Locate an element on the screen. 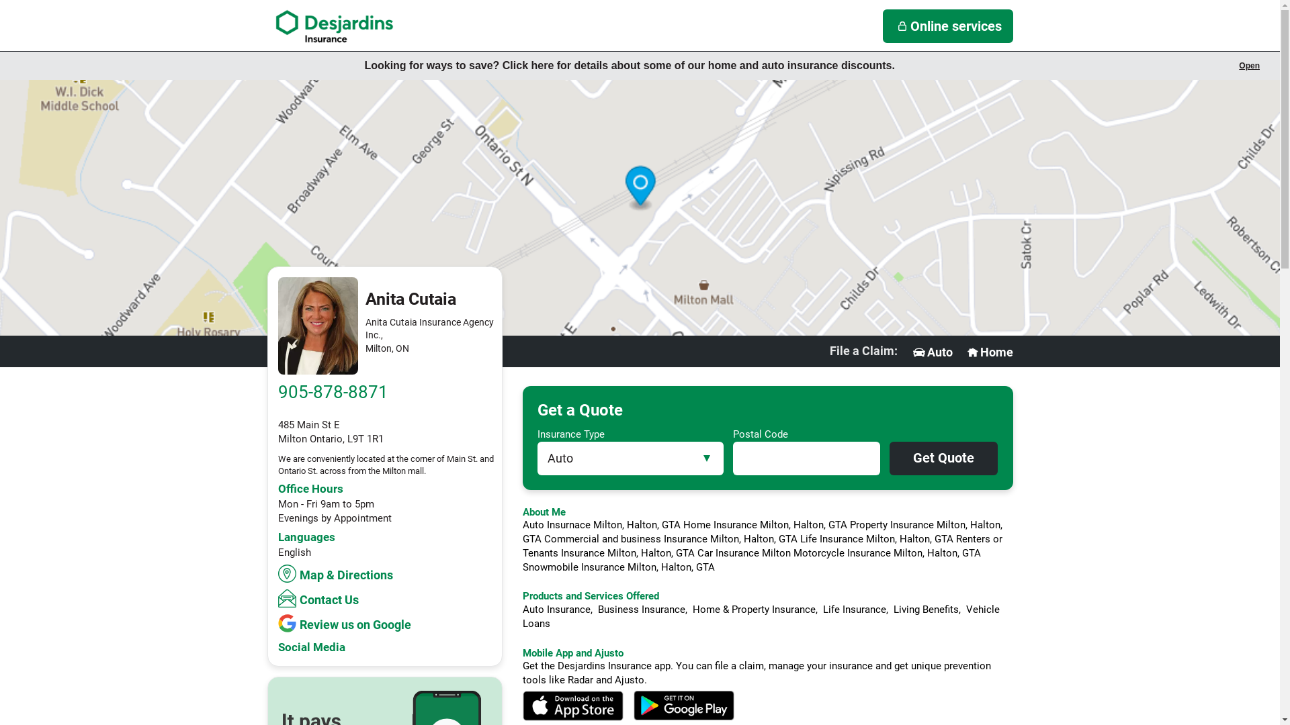 The height and width of the screenshot is (725, 1290). 'Map & Directions' is located at coordinates (337, 573).